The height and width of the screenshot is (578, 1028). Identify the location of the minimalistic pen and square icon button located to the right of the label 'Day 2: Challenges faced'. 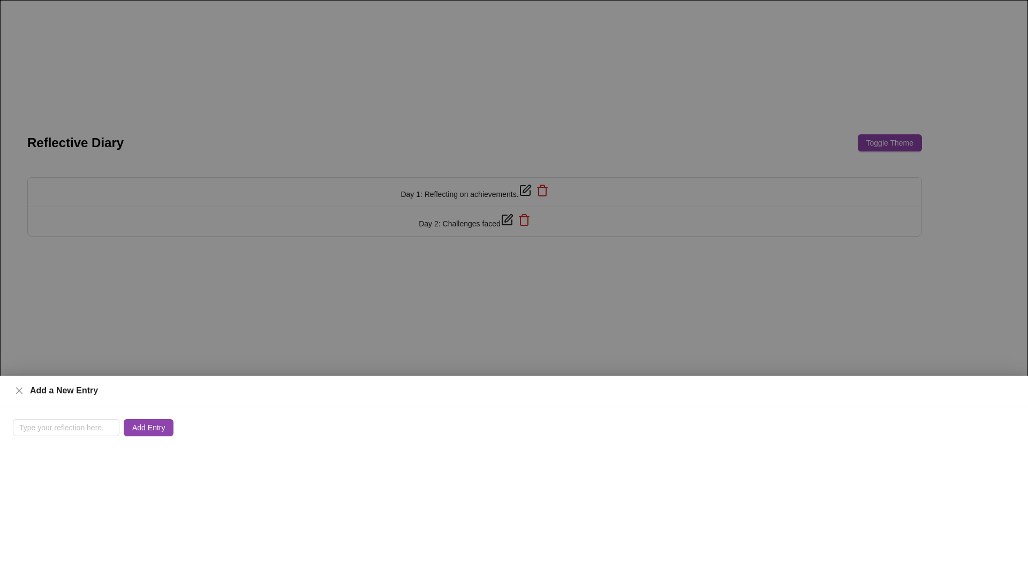
(506, 219).